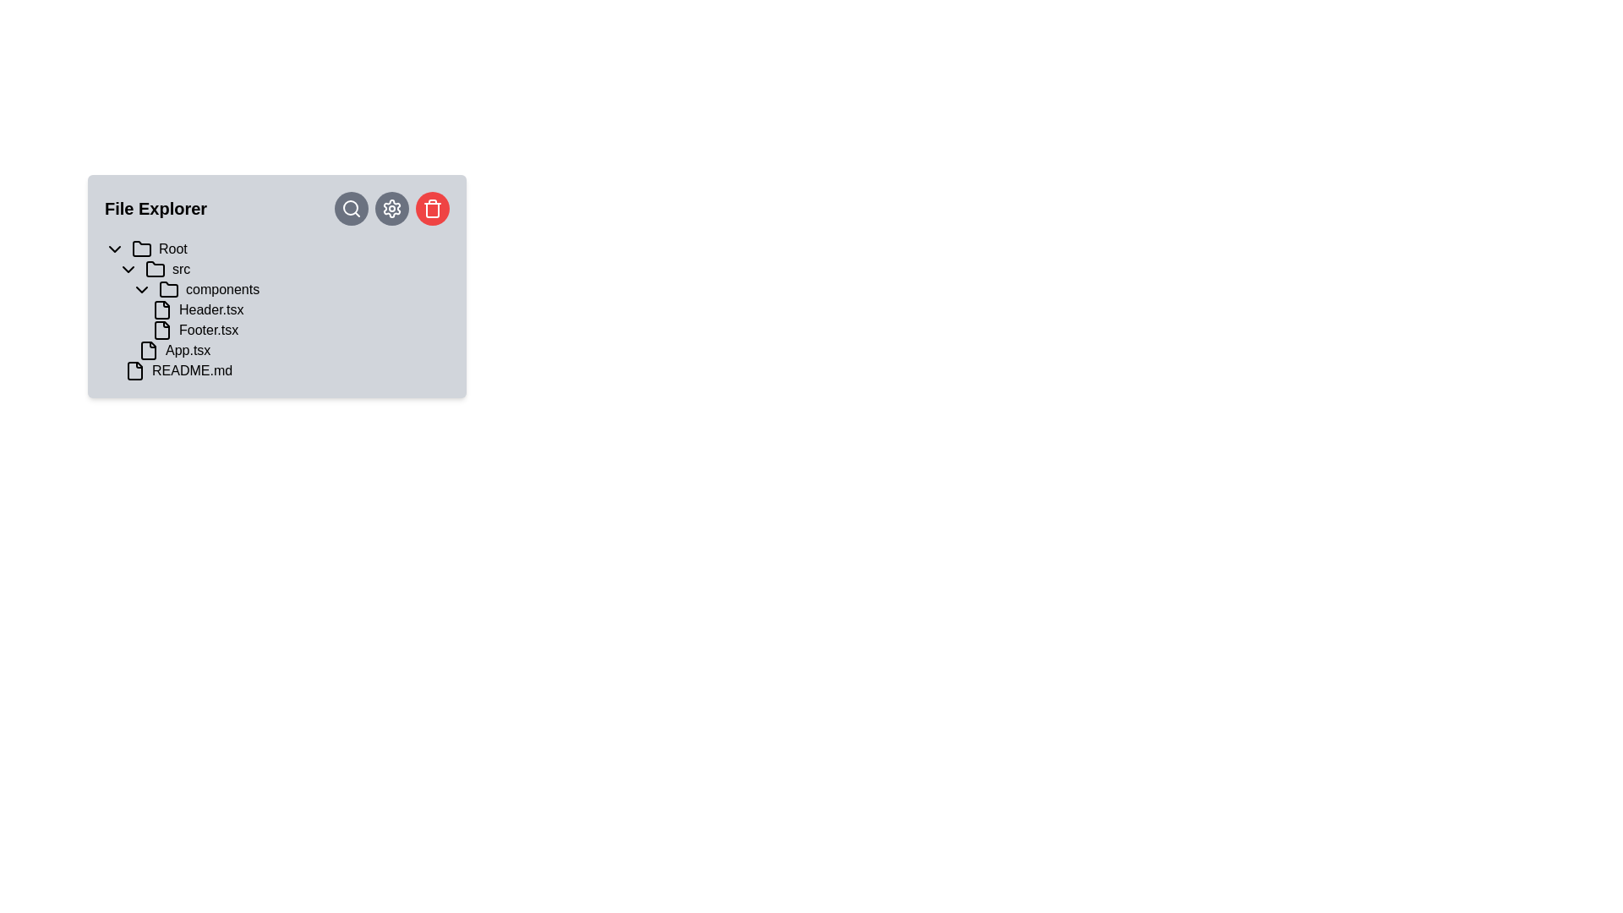 This screenshot has width=1623, height=913. I want to click on the label indicating the 'src' folder, which is located immediately to the right of the folder icon in the file explorer panel, so click(181, 269).